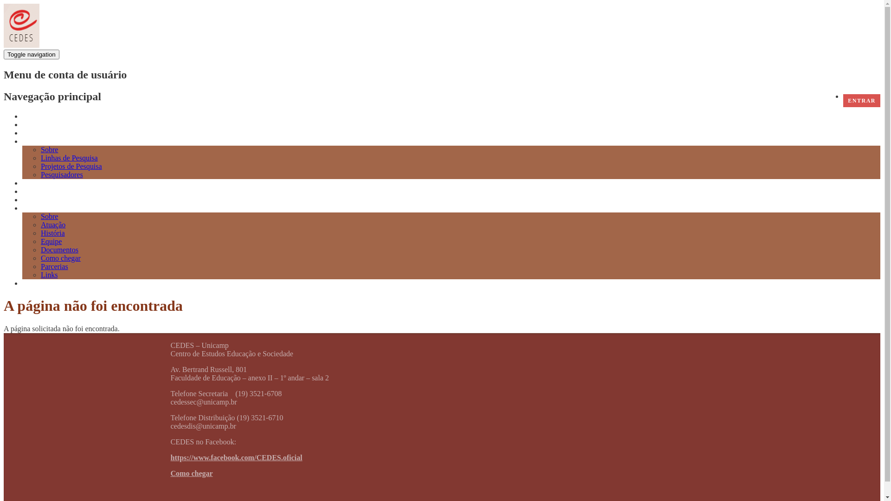 This screenshot has height=501, width=891. What do you see at coordinates (236, 457) in the screenshot?
I see `'https://www.facebook.com/CEDES.oficial'` at bounding box center [236, 457].